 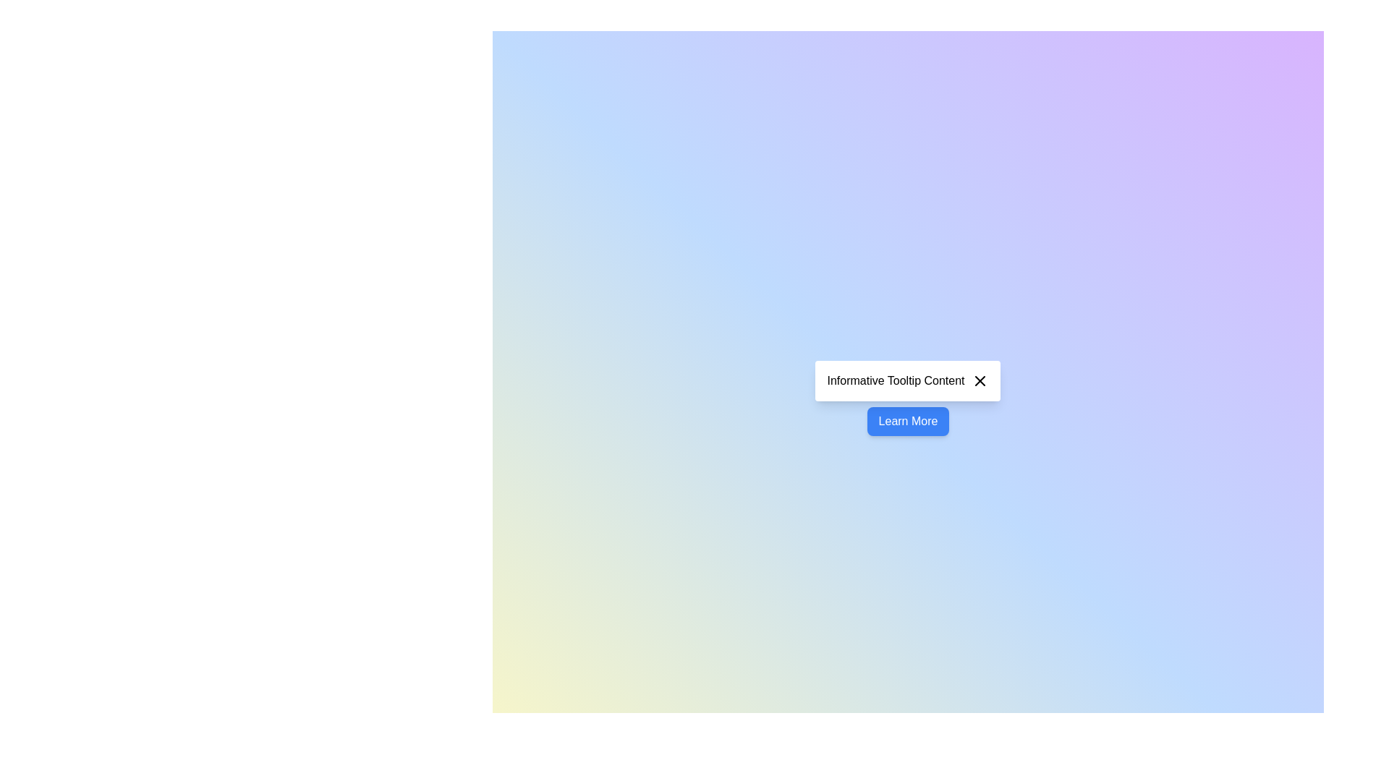 I want to click on the close button located in the top right corner of the tooltip box, so click(x=980, y=380).